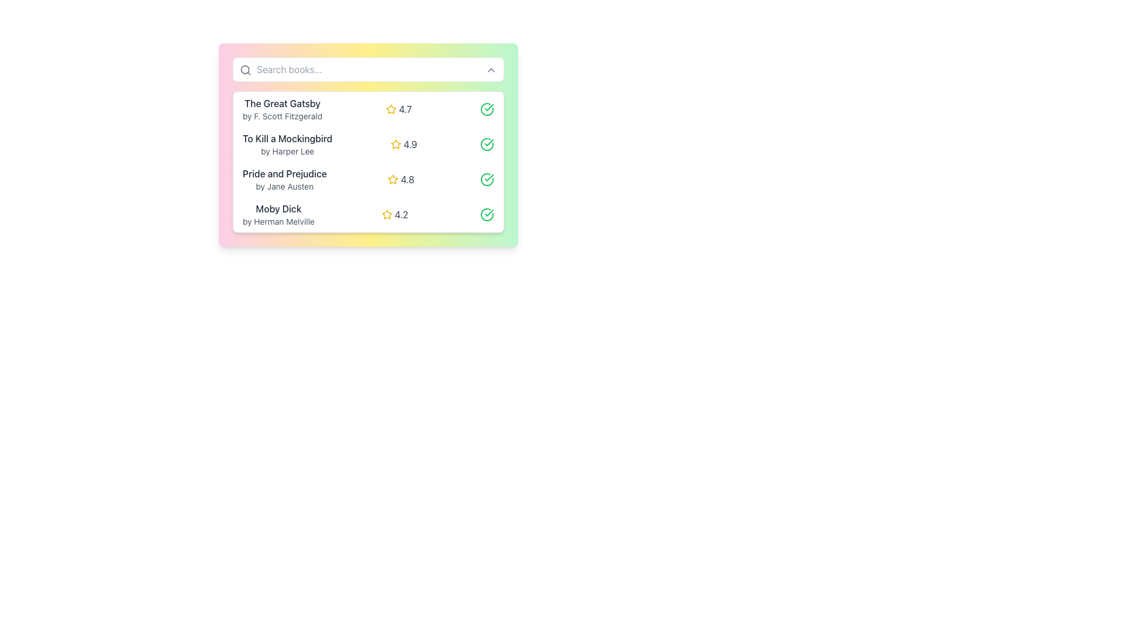 The height and width of the screenshot is (632, 1123). Describe the element at coordinates (487, 143) in the screenshot. I see `the status represented by the circular green checkmark icon located at the far right of the list item for 'To Kill a Mockingbird'` at that location.